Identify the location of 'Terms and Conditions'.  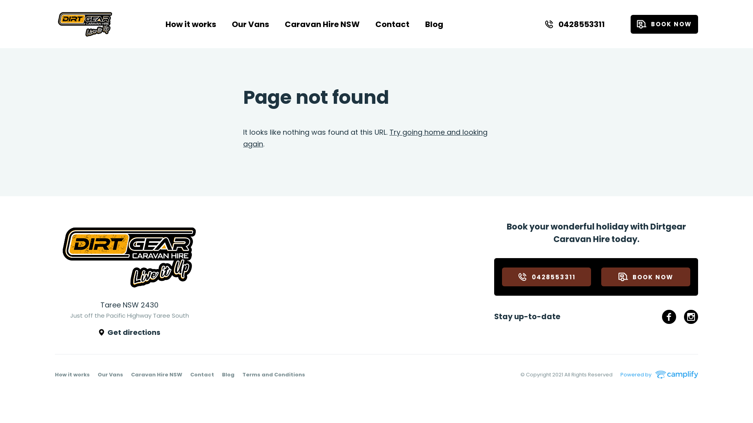
(273, 374).